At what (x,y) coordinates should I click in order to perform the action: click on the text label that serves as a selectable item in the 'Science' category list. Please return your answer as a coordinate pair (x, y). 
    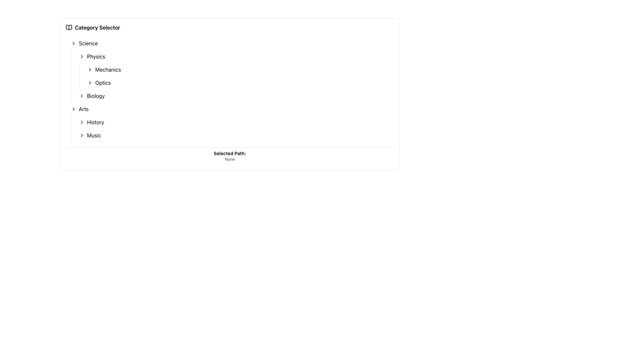
    Looking at the image, I should click on (95, 96).